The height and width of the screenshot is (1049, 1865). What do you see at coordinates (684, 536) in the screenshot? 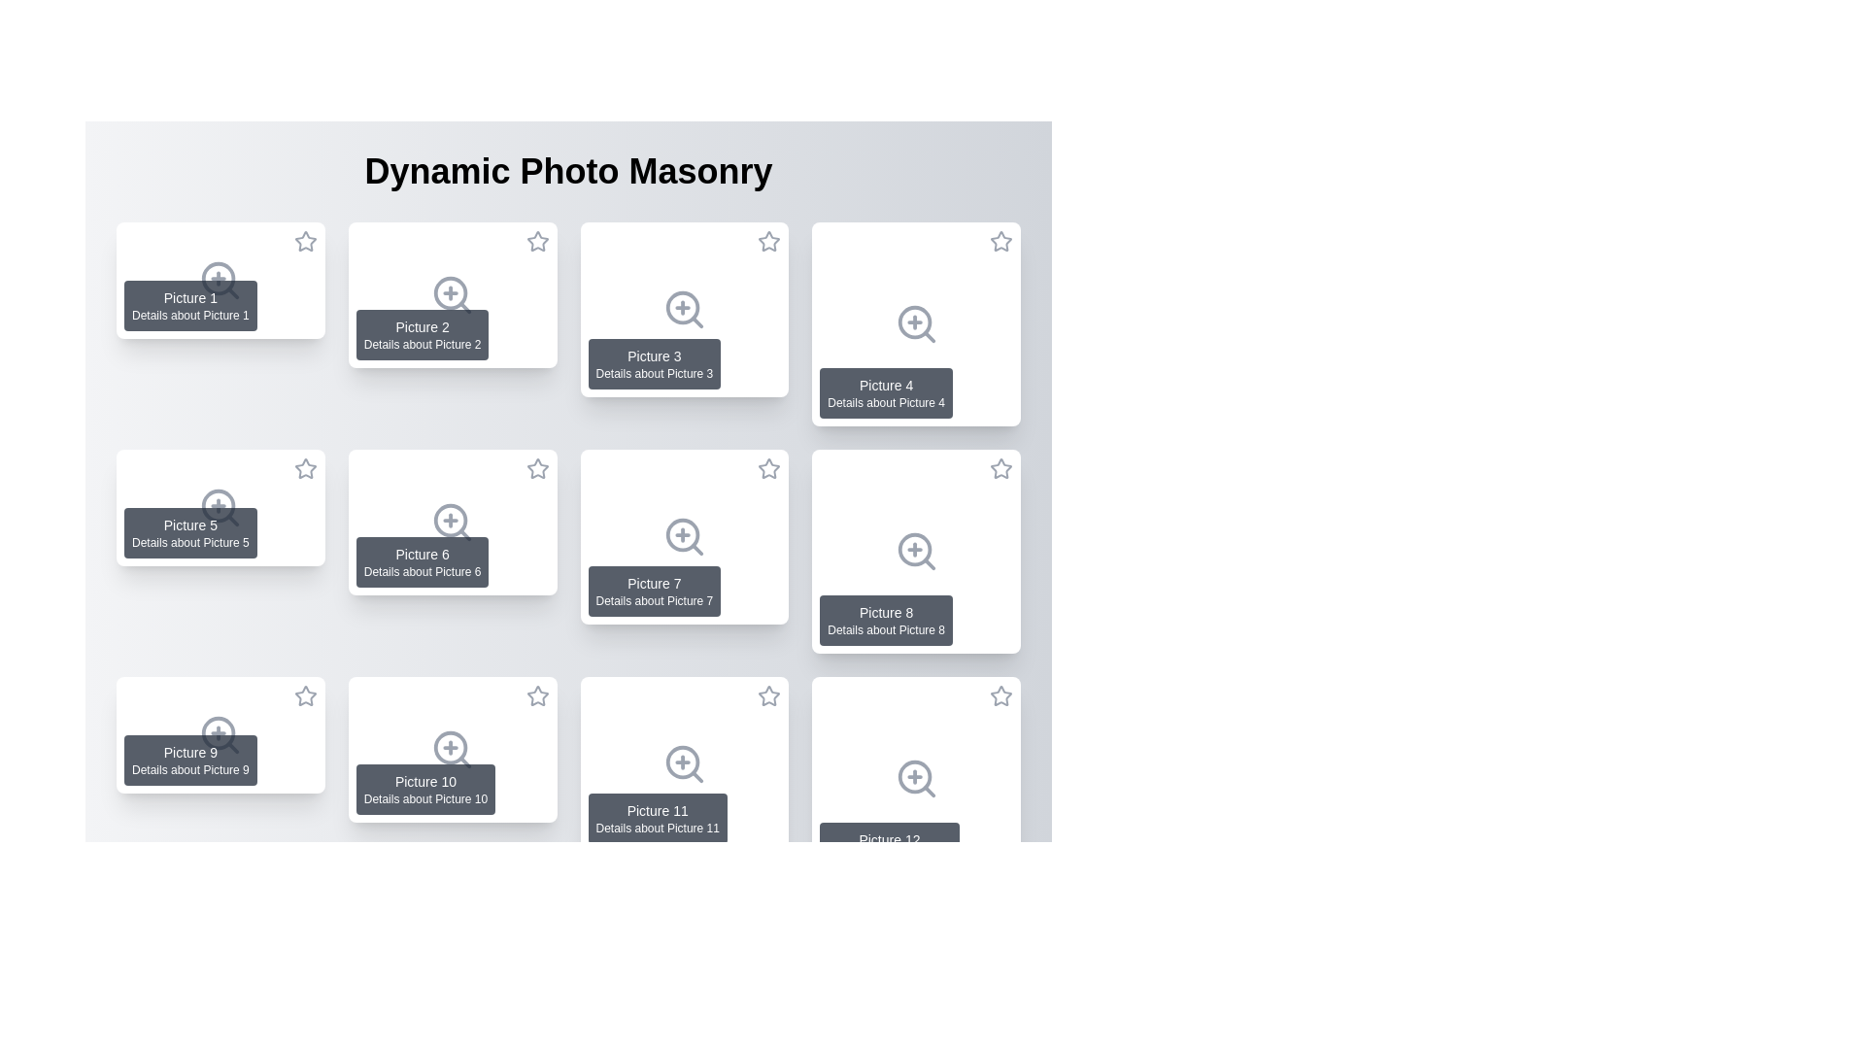
I see `the gray magnifying glass icon in the center of the interactive visual card labeled 'Picture 7'` at bounding box center [684, 536].